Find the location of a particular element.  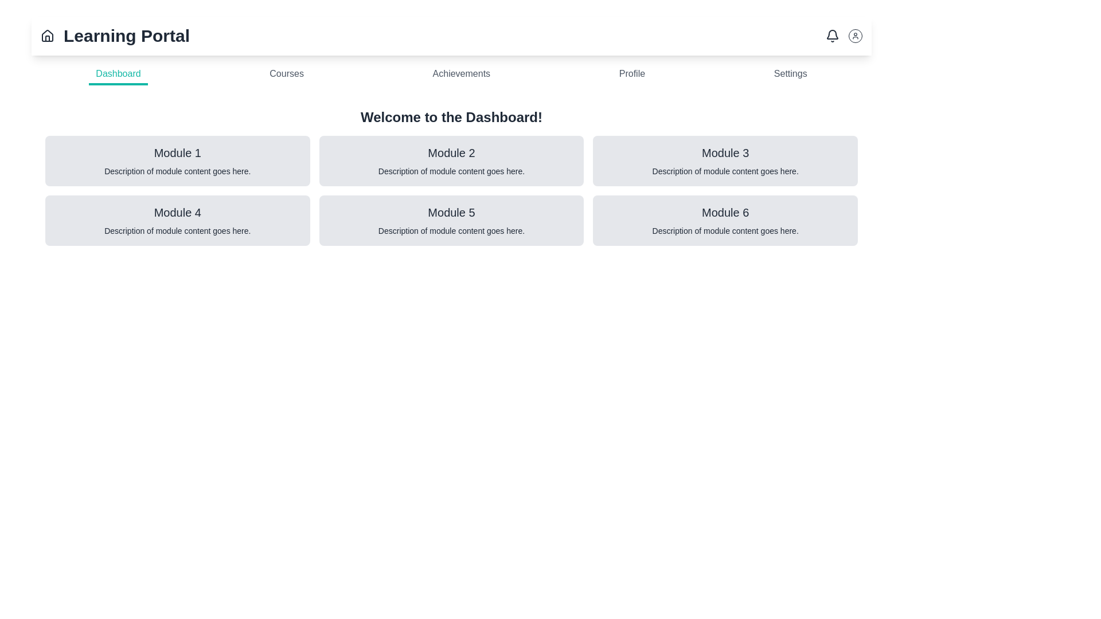

the house-shaped 'home' icon located in the top-left corner of the header section, adjacent to the 'Learning Portal' site title is located at coordinates (46, 34).